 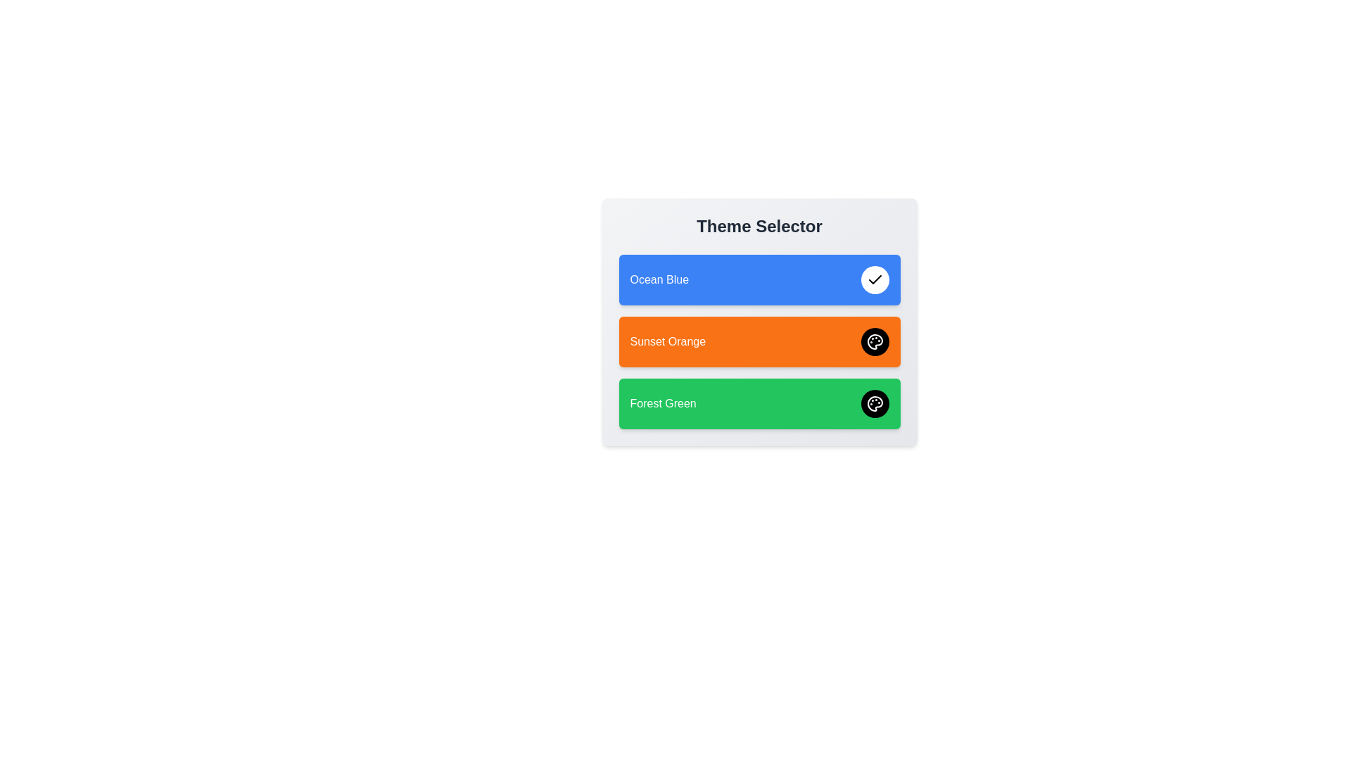 What do you see at coordinates (759, 342) in the screenshot?
I see `the theme Sunset Orange to inspect its visual representation` at bounding box center [759, 342].